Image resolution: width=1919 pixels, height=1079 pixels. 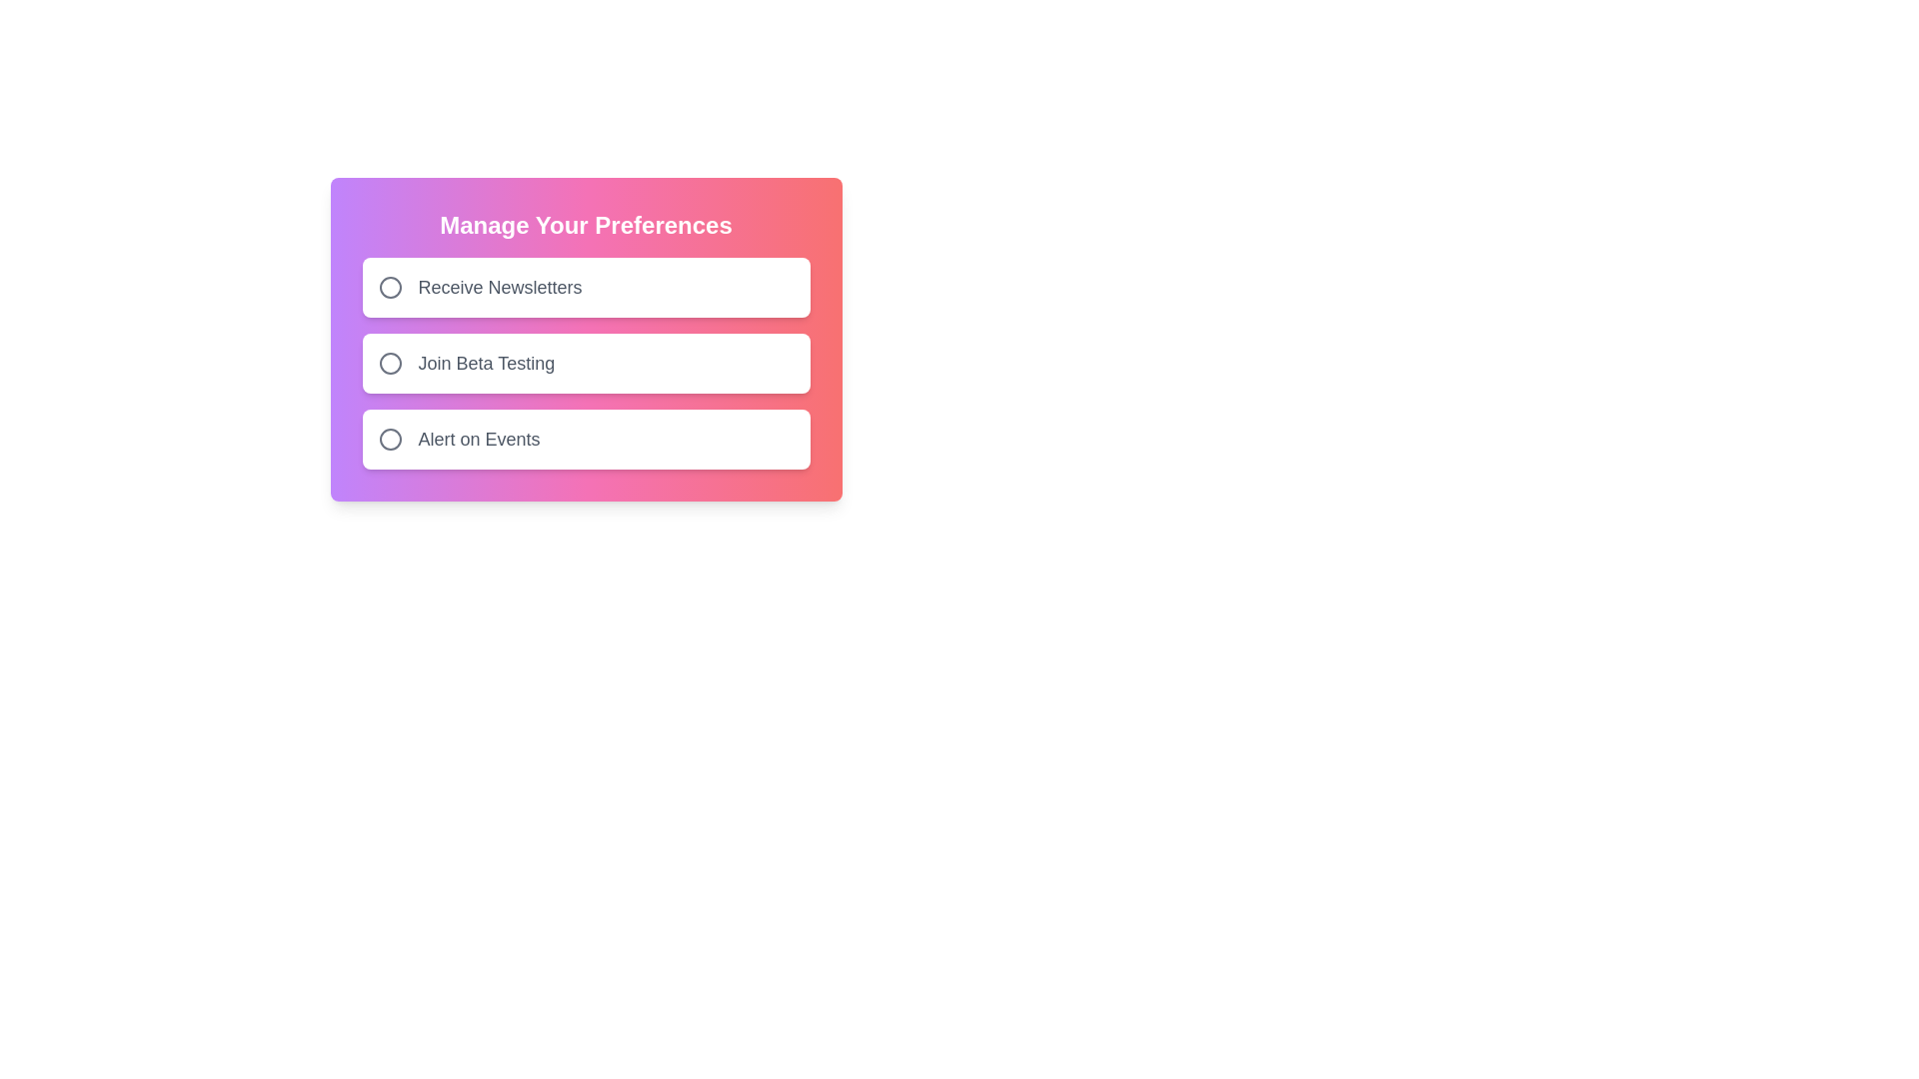 What do you see at coordinates (478, 438) in the screenshot?
I see `static text label displaying 'Alert on Events', which is styled with a medium-sized gray font inside a white rounded rectangle on a gradient background` at bounding box center [478, 438].